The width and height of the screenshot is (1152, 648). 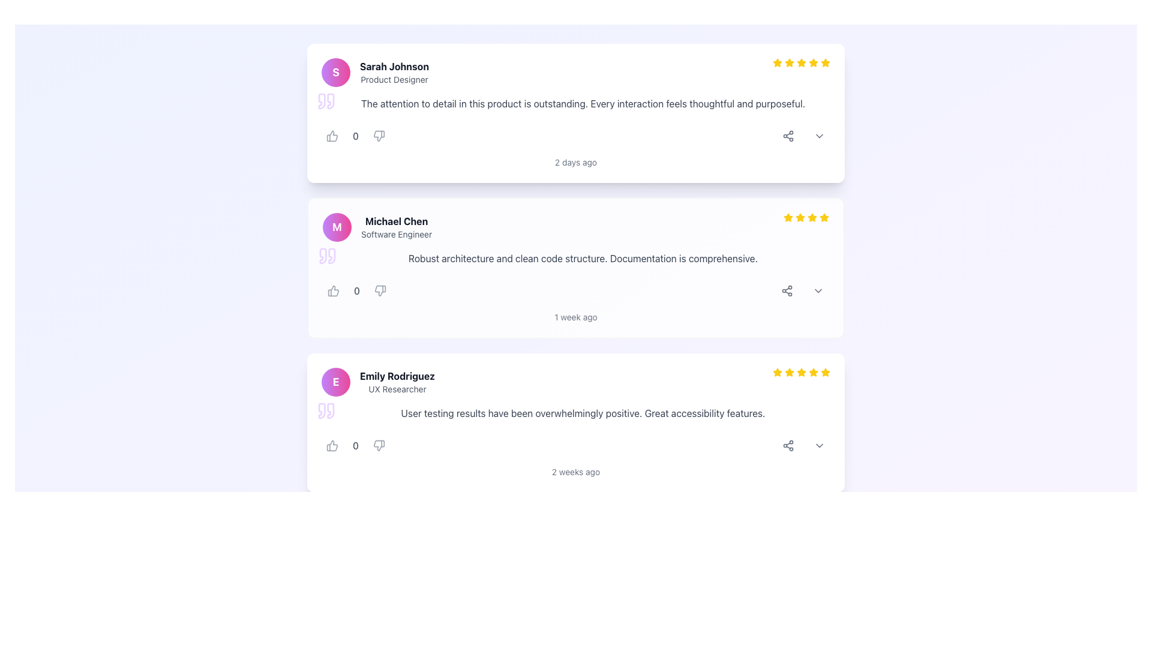 What do you see at coordinates (394, 67) in the screenshot?
I see `the text label displaying 'Sarah Johnson', which is the first bold text entry in the user feedback card` at bounding box center [394, 67].